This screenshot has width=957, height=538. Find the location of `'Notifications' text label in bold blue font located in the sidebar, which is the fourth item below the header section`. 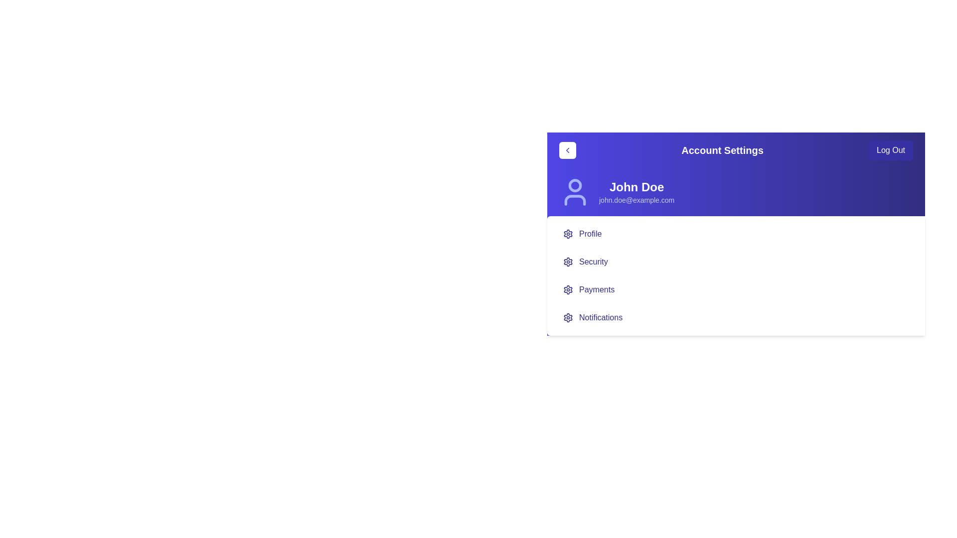

'Notifications' text label in bold blue font located in the sidebar, which is the fourth item below the header section is located at coordinates (600, 317).